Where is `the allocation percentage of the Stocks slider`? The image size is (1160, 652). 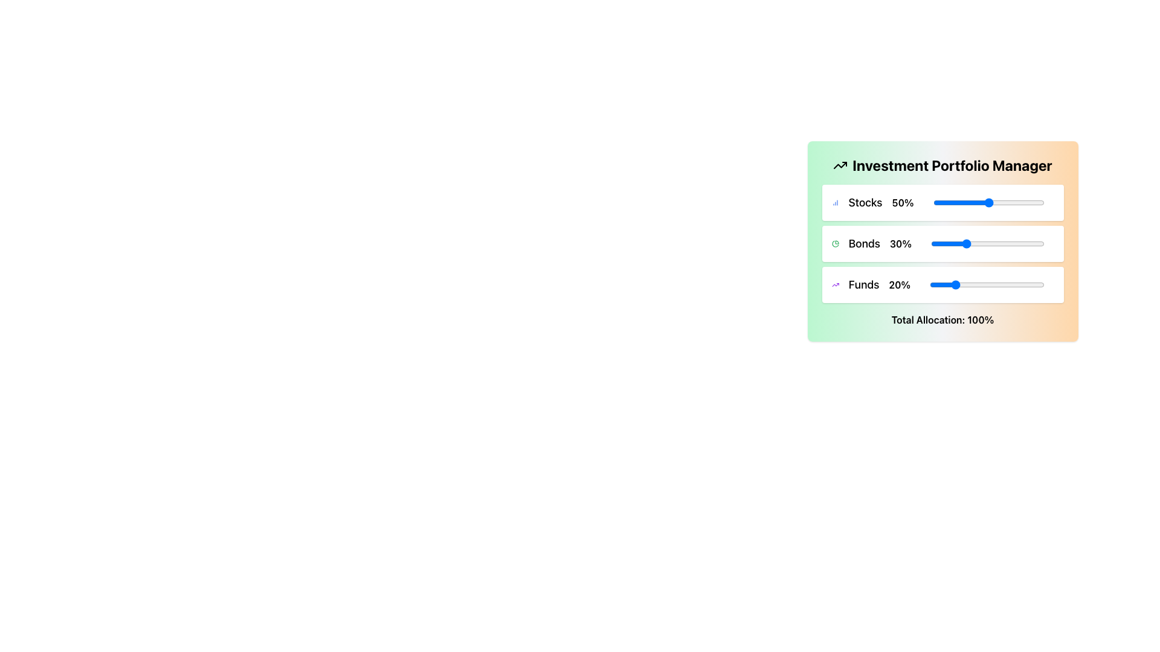 the allocation percentage of the Stocks slider is located at coordinates (944, 202).